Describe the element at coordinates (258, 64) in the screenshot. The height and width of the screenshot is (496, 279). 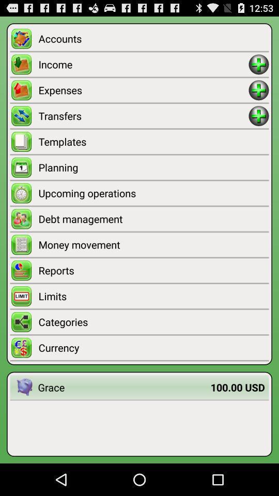
I see `income` at that location.